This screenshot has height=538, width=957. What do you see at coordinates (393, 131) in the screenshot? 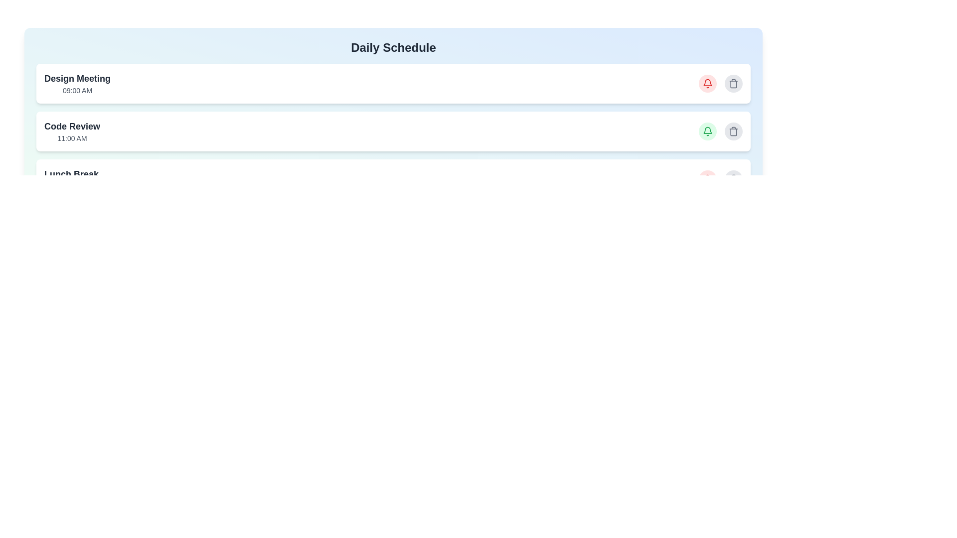
I see `the task item corresponding to Code Review` at bounding box center [393, 131].